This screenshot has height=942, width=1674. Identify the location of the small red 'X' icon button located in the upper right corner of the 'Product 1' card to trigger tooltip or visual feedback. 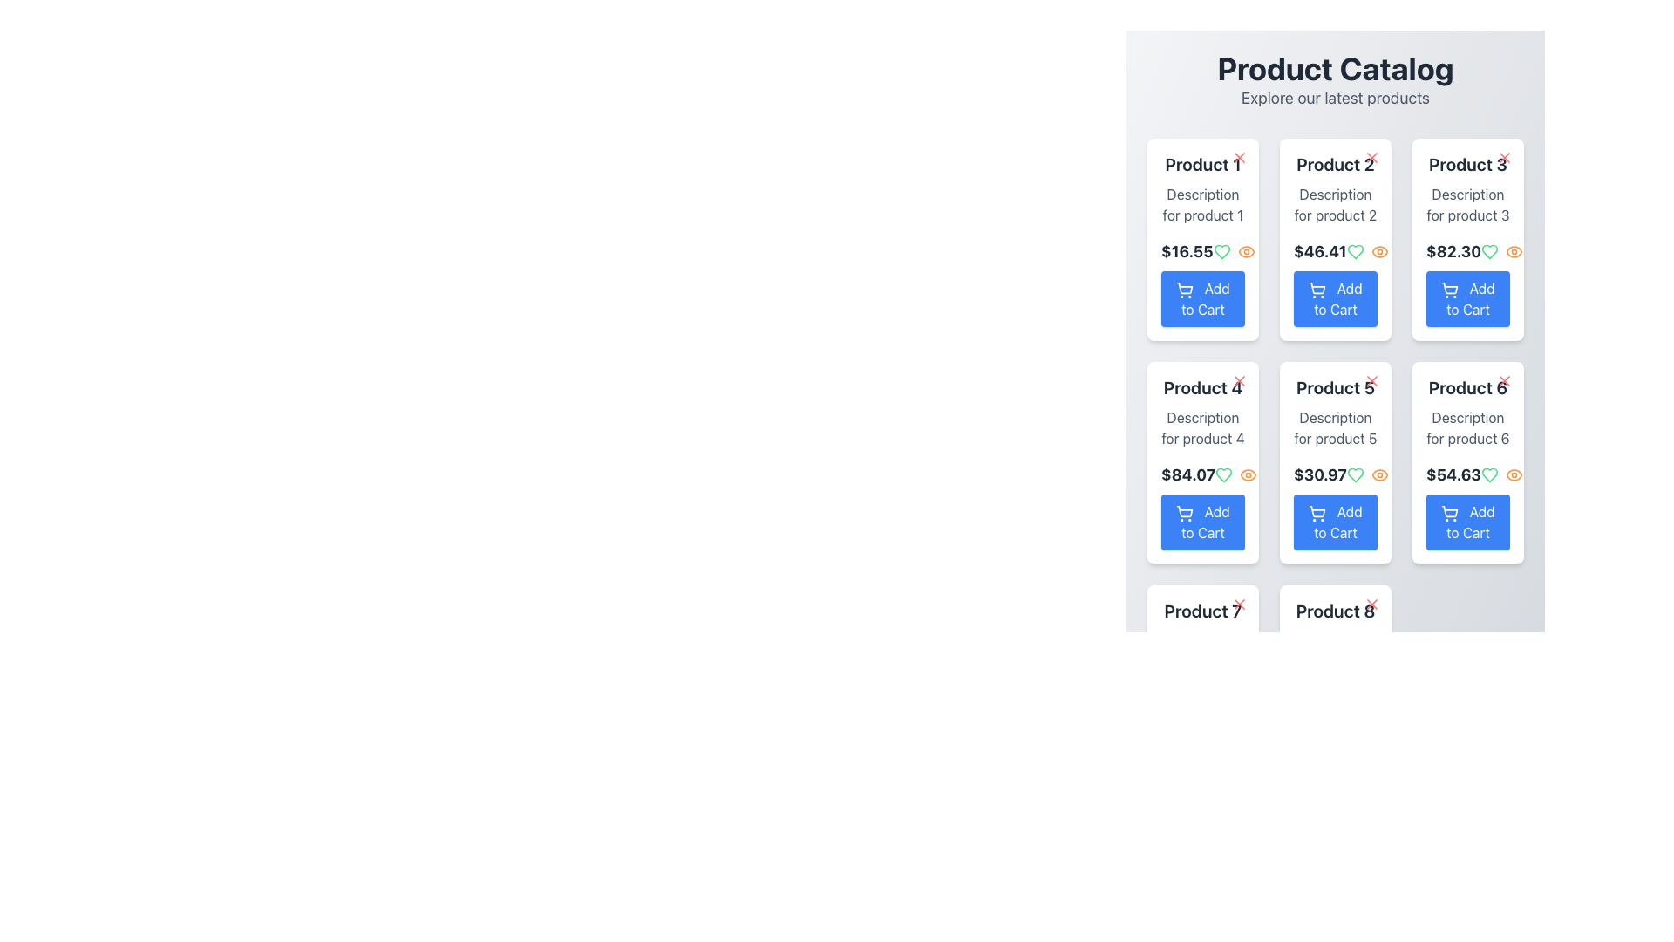
(1238, 158).